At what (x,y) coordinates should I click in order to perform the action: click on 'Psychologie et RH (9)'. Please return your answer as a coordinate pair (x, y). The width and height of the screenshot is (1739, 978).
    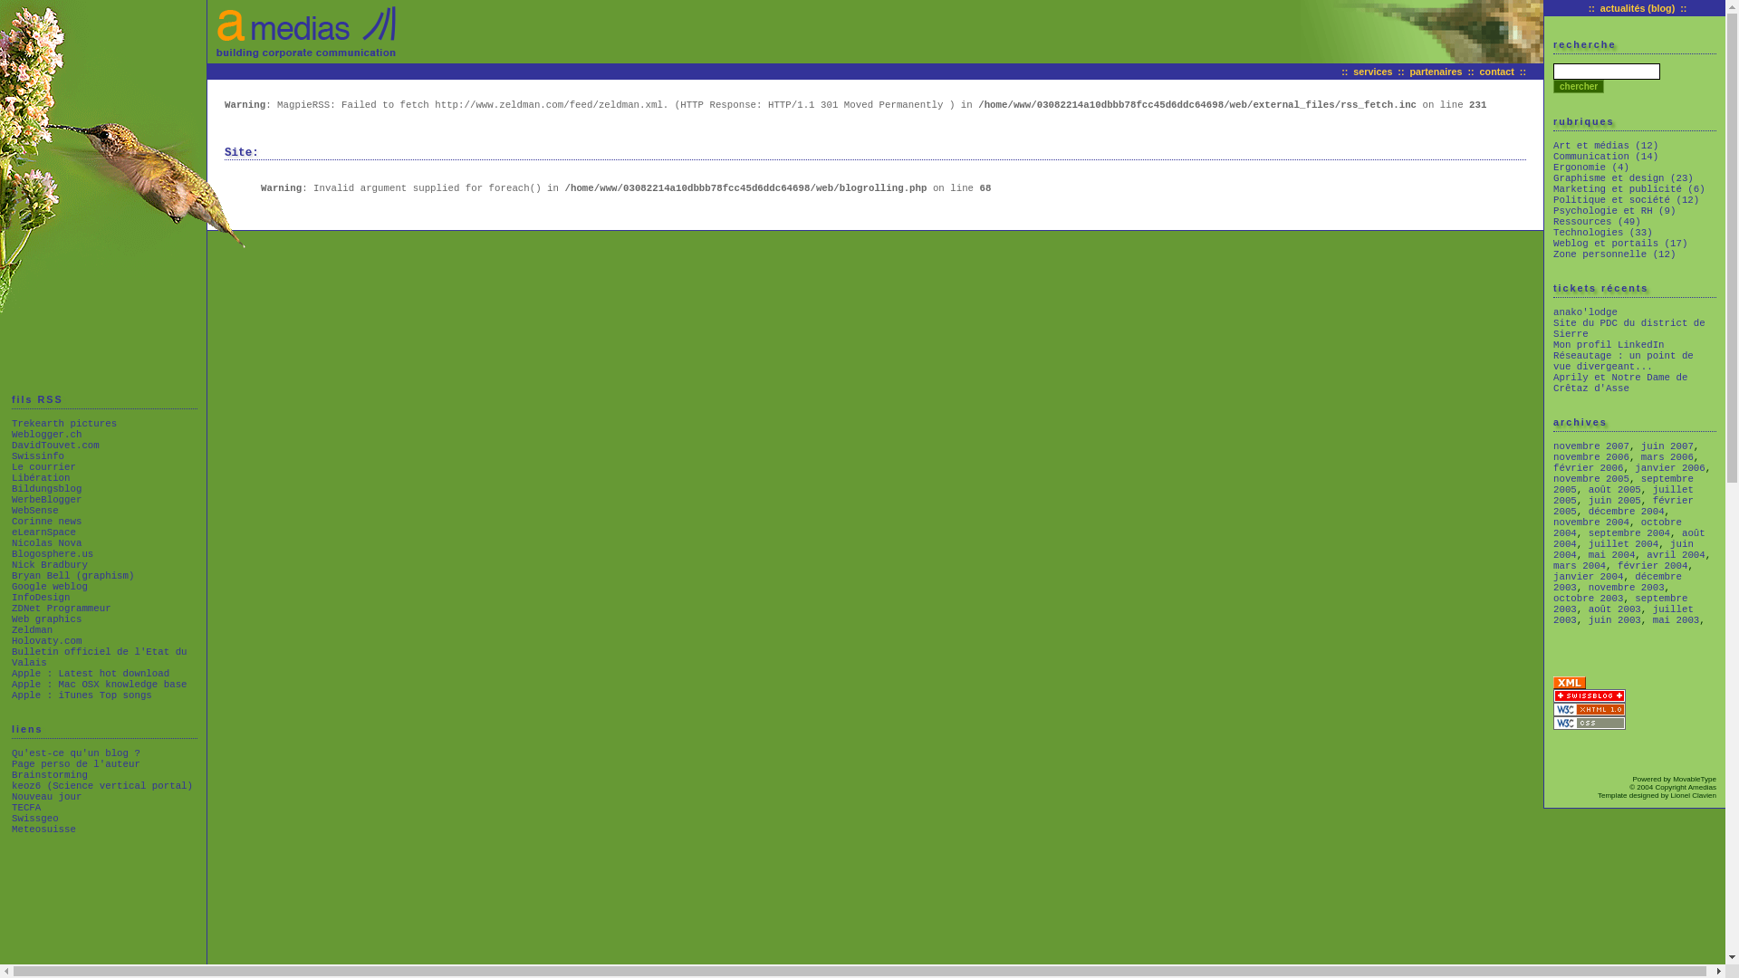
    Looking at the image, I should click on (1614, 209).